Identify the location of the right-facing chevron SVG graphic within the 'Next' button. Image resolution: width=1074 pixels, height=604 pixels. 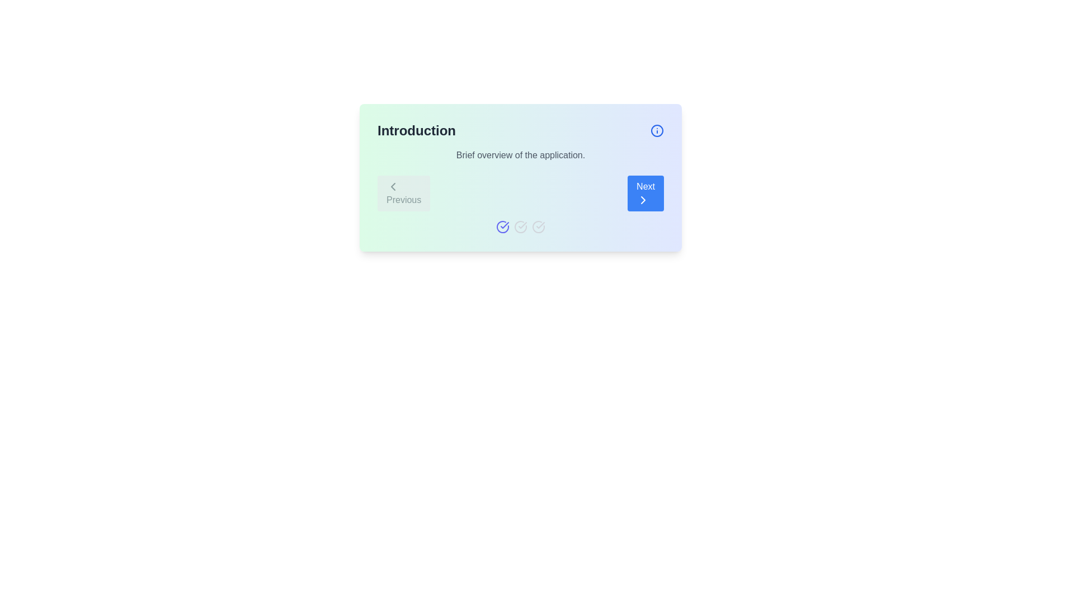
(643, 200).